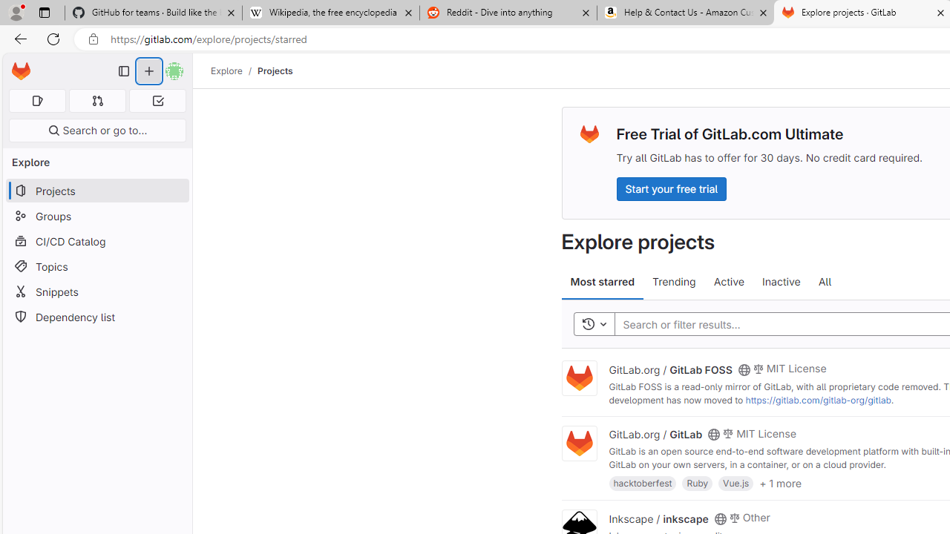  I want to click on 'Class: project', so click(578, 442).